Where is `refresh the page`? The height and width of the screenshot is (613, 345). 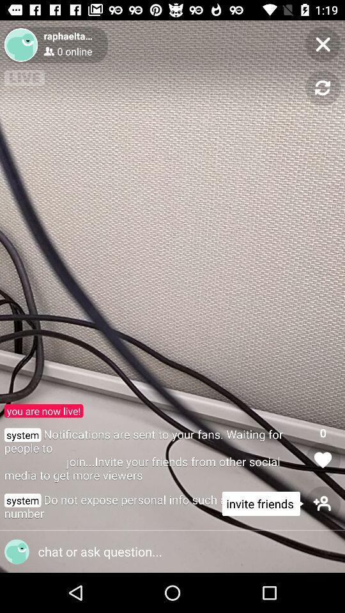 refresh the page is located at coordinates (322, 87).